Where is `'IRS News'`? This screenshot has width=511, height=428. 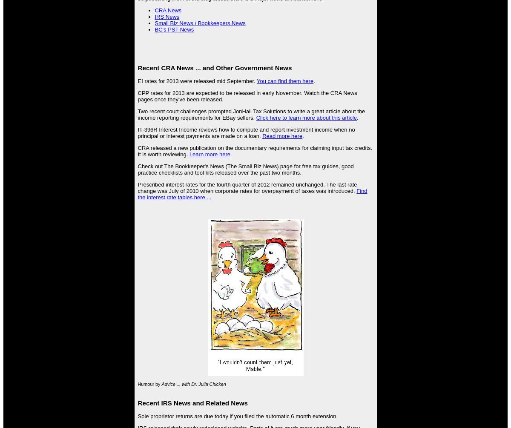
'IRS News' is located at coordinates (167, 17).